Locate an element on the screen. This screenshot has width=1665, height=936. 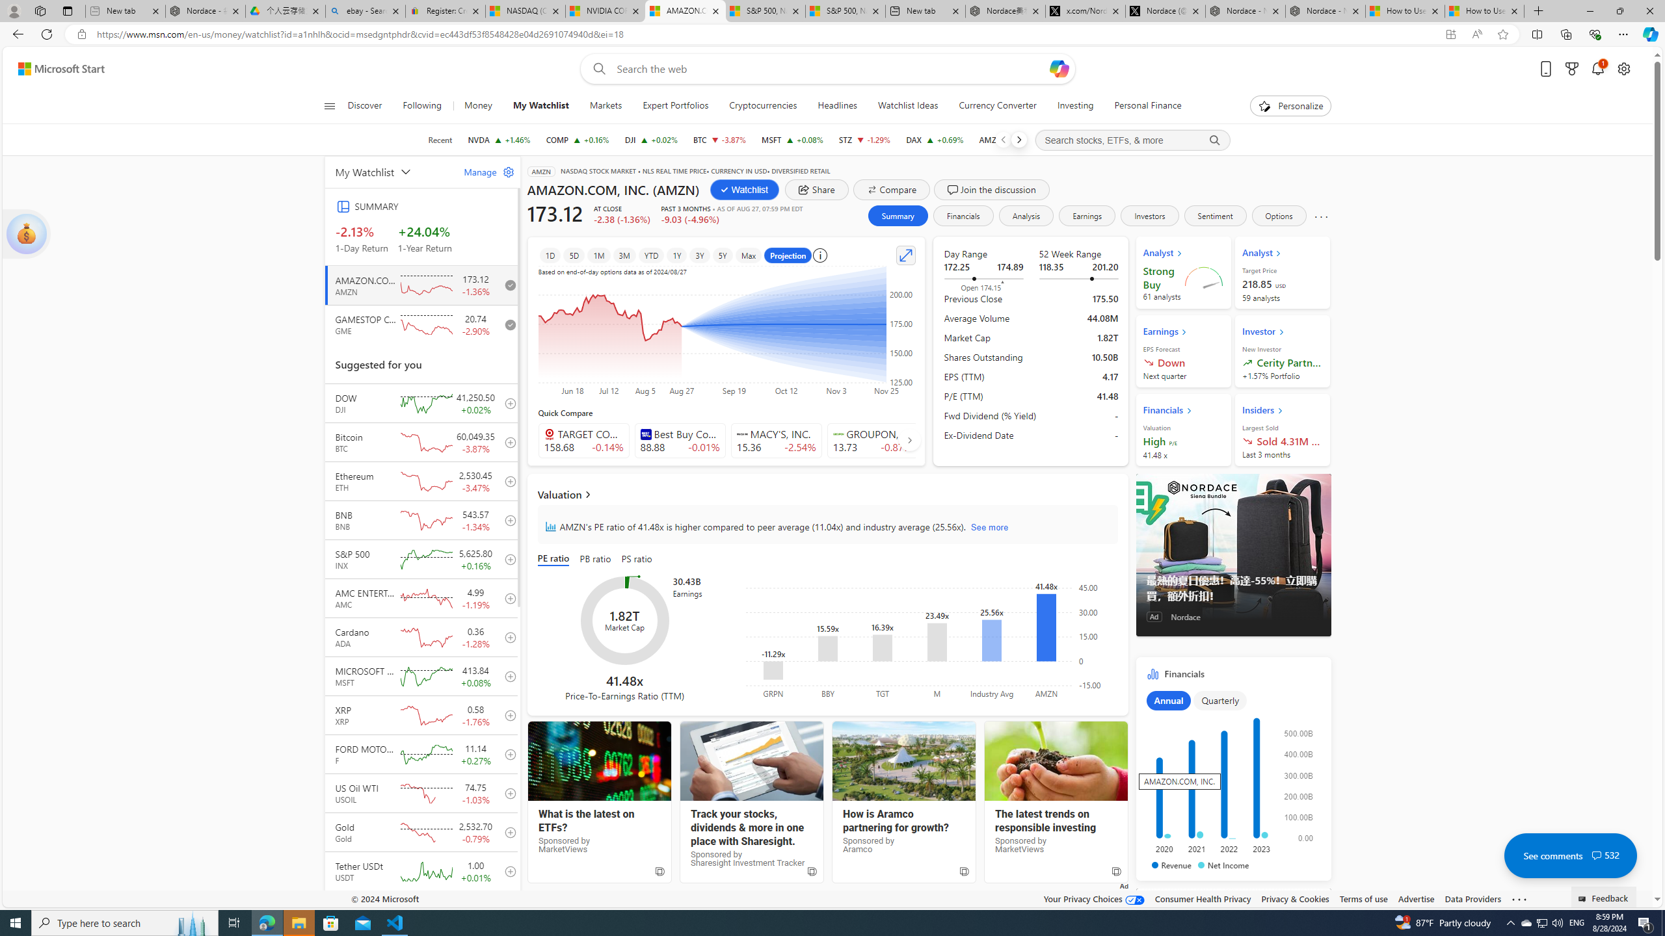
'MSFT MICROSOFT CORPORATION increase 413.84 +0.35 +0.08%' is located at coordinates (792, 139).